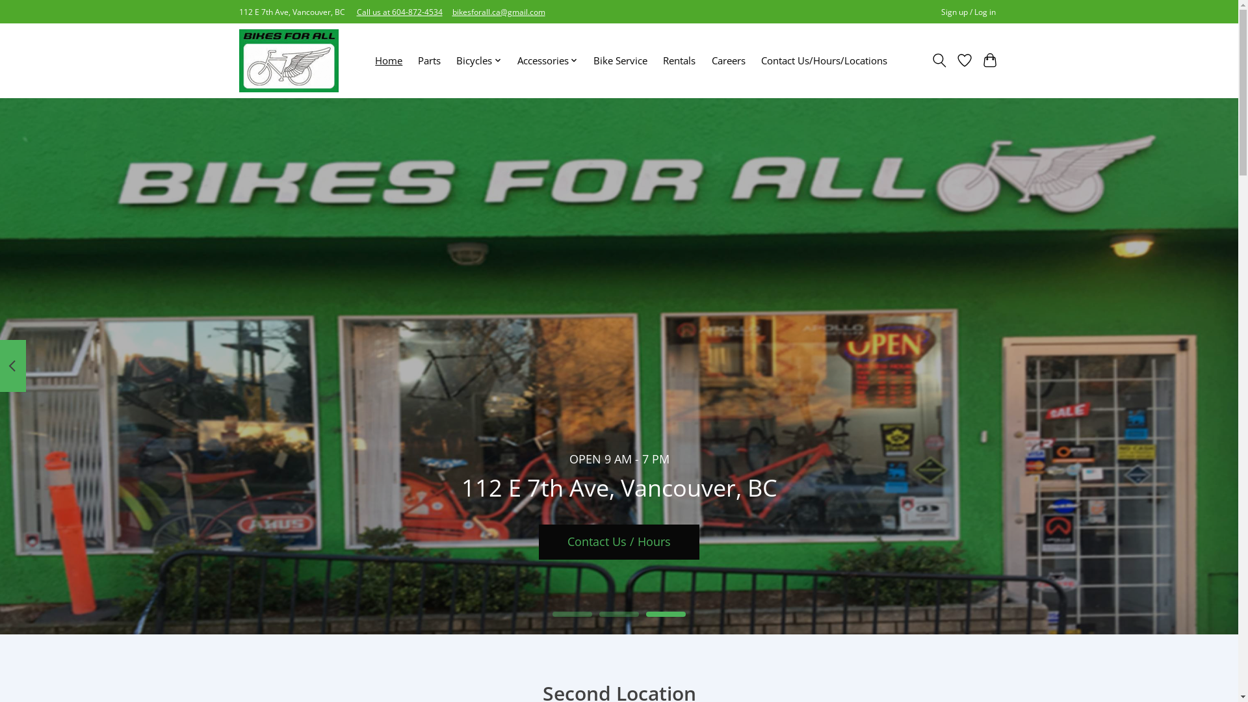 This screenshot has width=1248, height=702. Describe the element at coordinates (388, 60) in the screenshot. I see `'Home'` at that location.